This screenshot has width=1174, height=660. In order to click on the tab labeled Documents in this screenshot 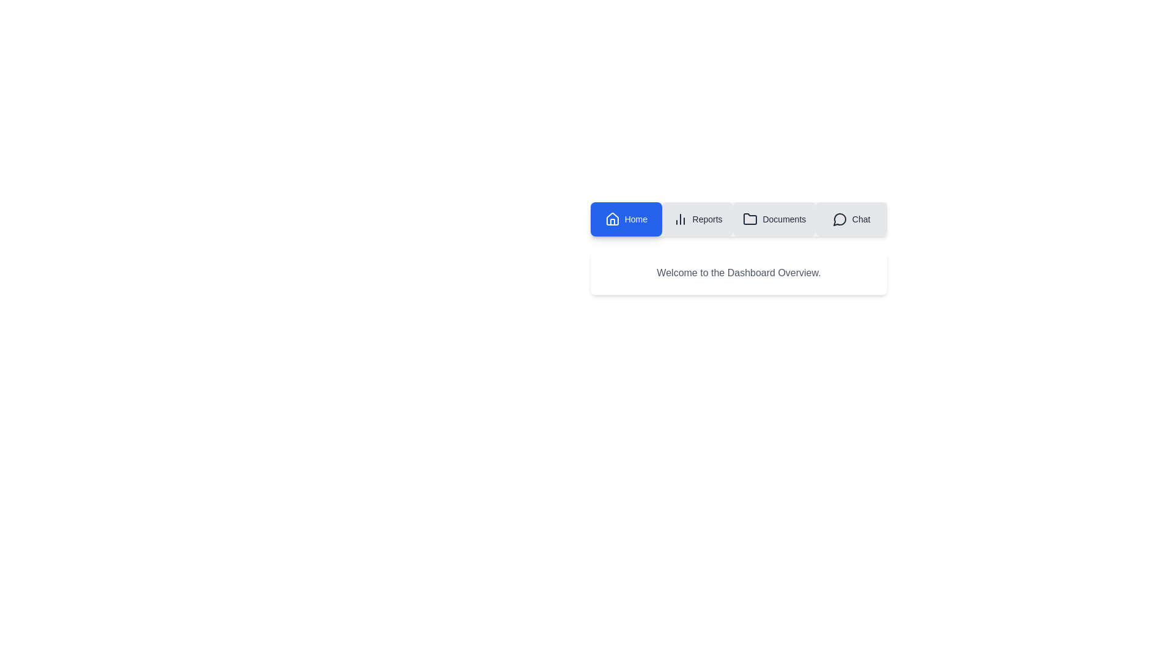, I will do `click(773, 218)`.